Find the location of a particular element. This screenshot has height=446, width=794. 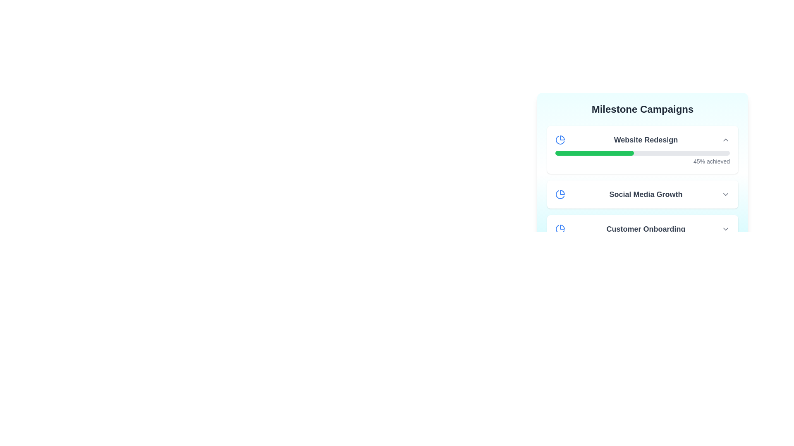

the 'Social Media Growth' collapsible section header is located at coordinates (642, 194).